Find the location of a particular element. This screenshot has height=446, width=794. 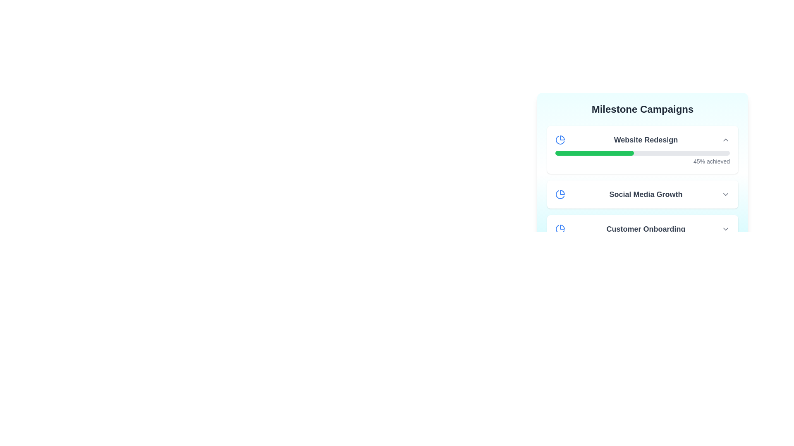

the 'Social Media Growth' collapsible section header is located at coordinates (642, 194).